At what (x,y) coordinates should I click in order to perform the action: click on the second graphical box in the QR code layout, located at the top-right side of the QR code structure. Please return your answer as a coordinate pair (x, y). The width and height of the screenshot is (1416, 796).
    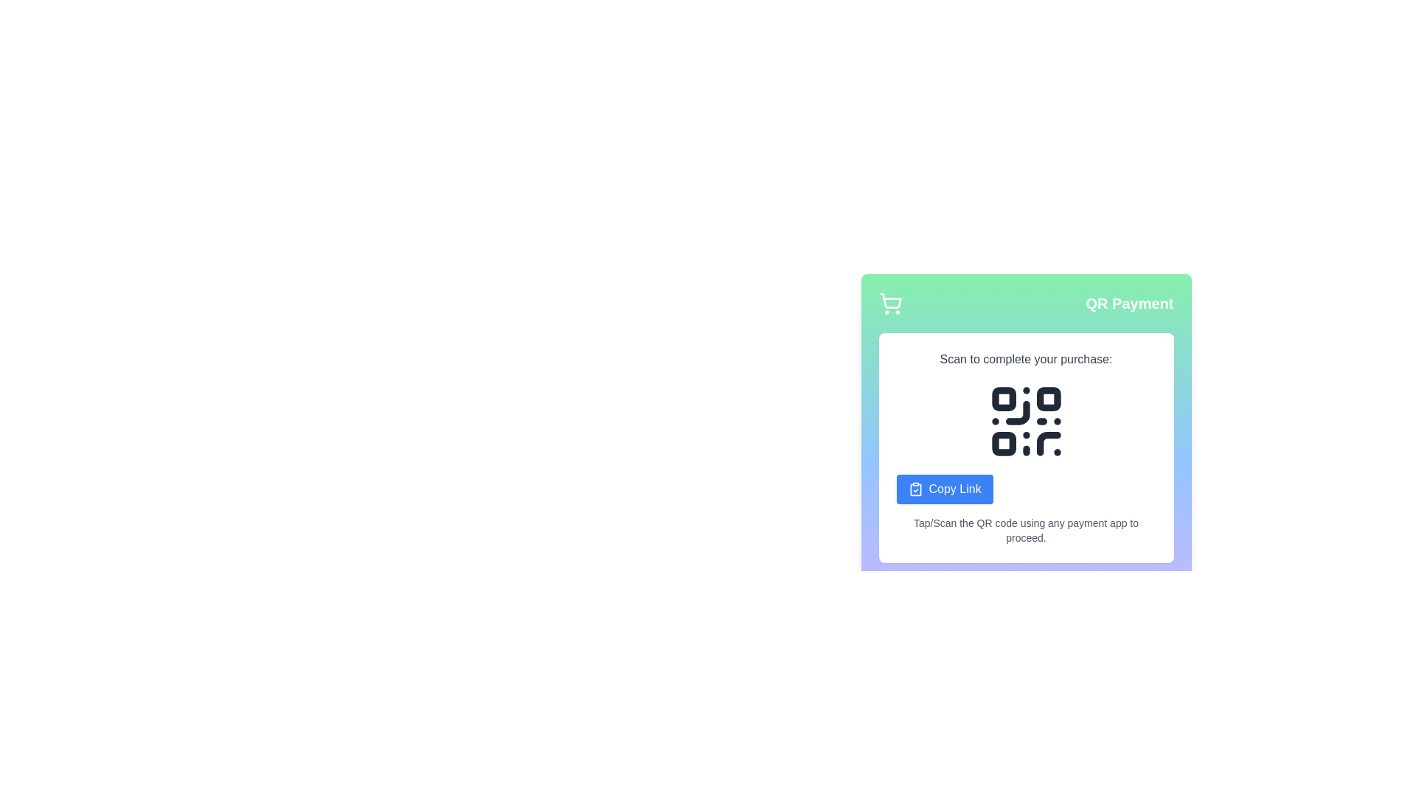
    Looking at the image, I should click on (1047, 399).